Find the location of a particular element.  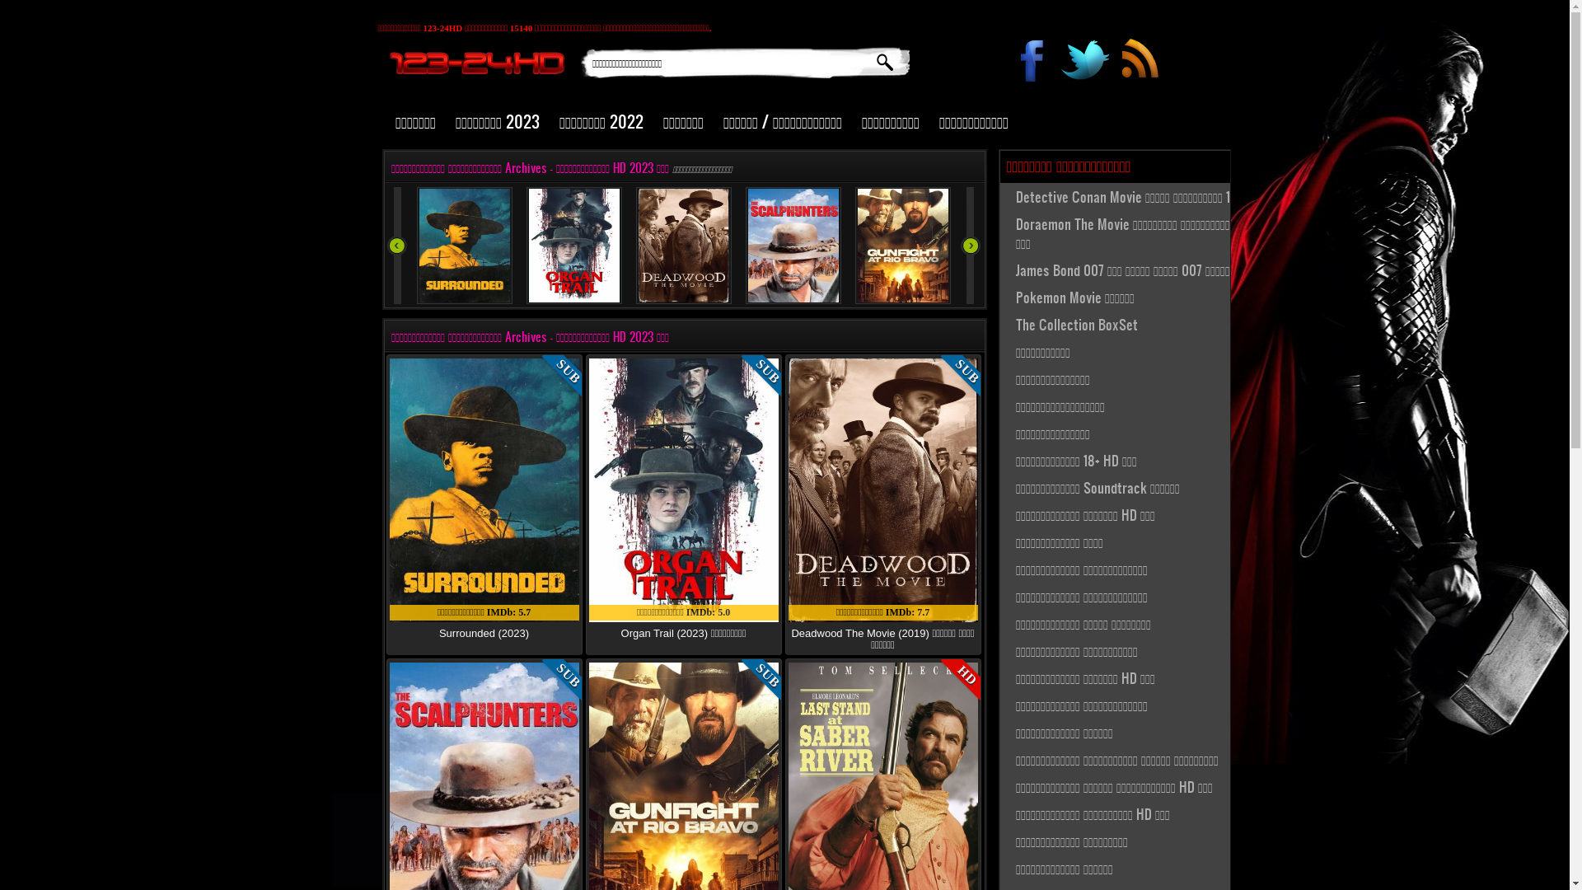

'The Collection BoxSet' is located at coordinates (999, 324).